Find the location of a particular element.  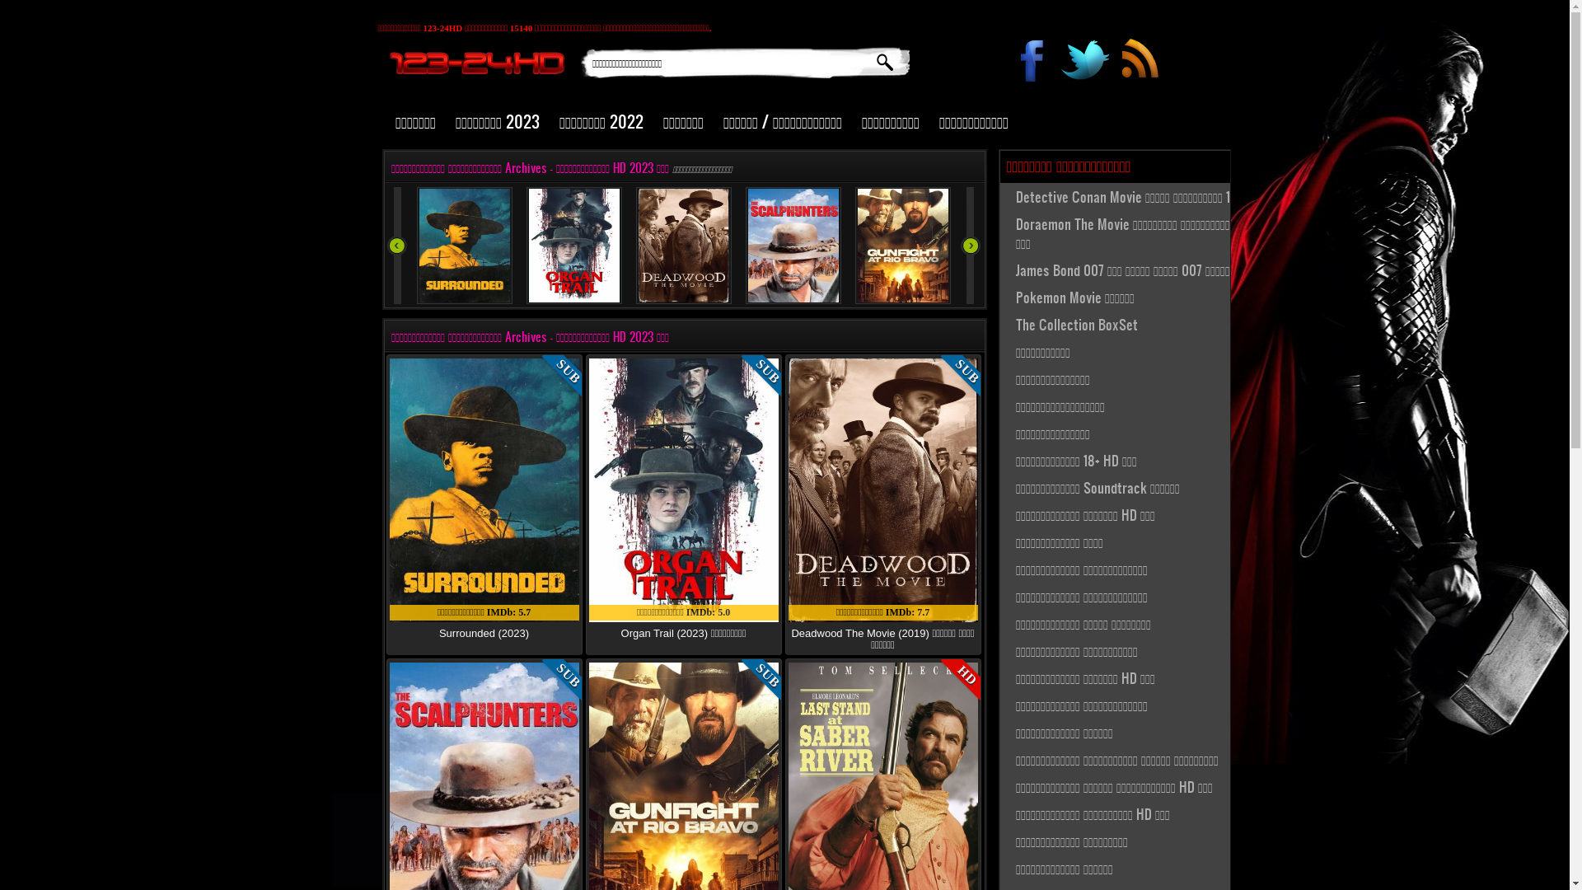

'The Collection BoxSet' is located at coordinates (999, 324).